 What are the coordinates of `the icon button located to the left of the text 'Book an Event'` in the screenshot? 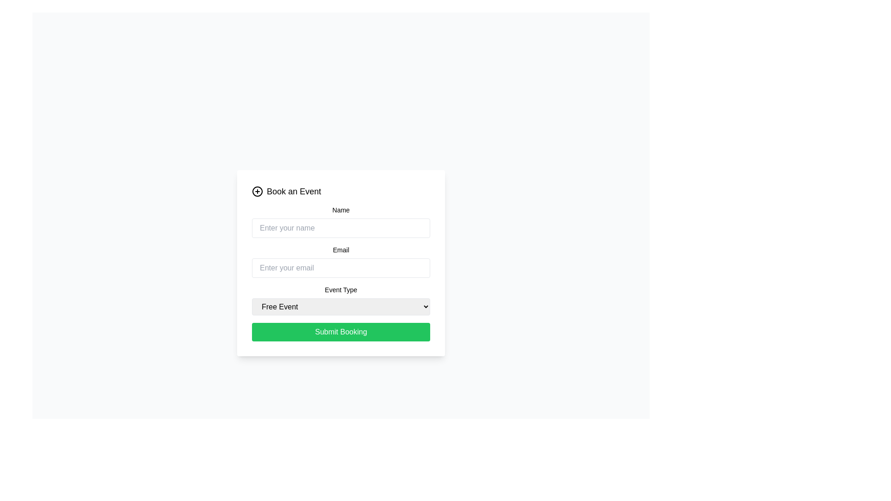 It's located at (258, 191).